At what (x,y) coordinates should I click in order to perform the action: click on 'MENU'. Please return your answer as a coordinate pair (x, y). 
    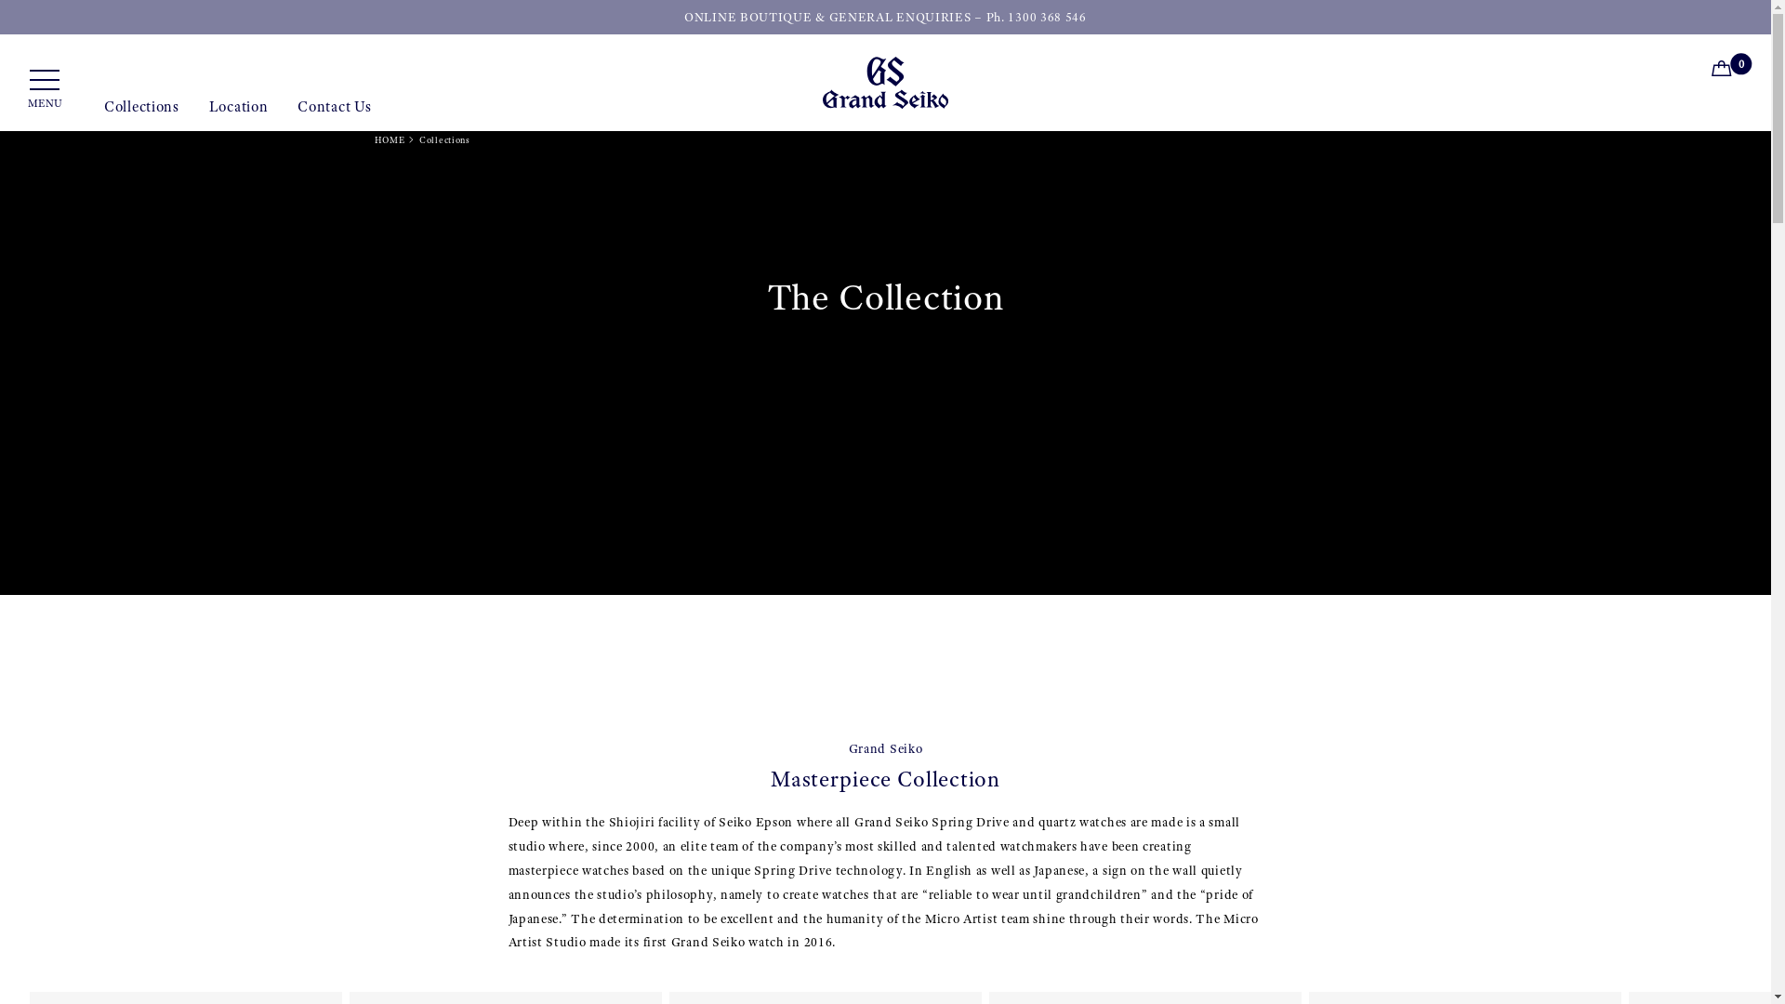
    Looking at the image, I should click on (45, 89).